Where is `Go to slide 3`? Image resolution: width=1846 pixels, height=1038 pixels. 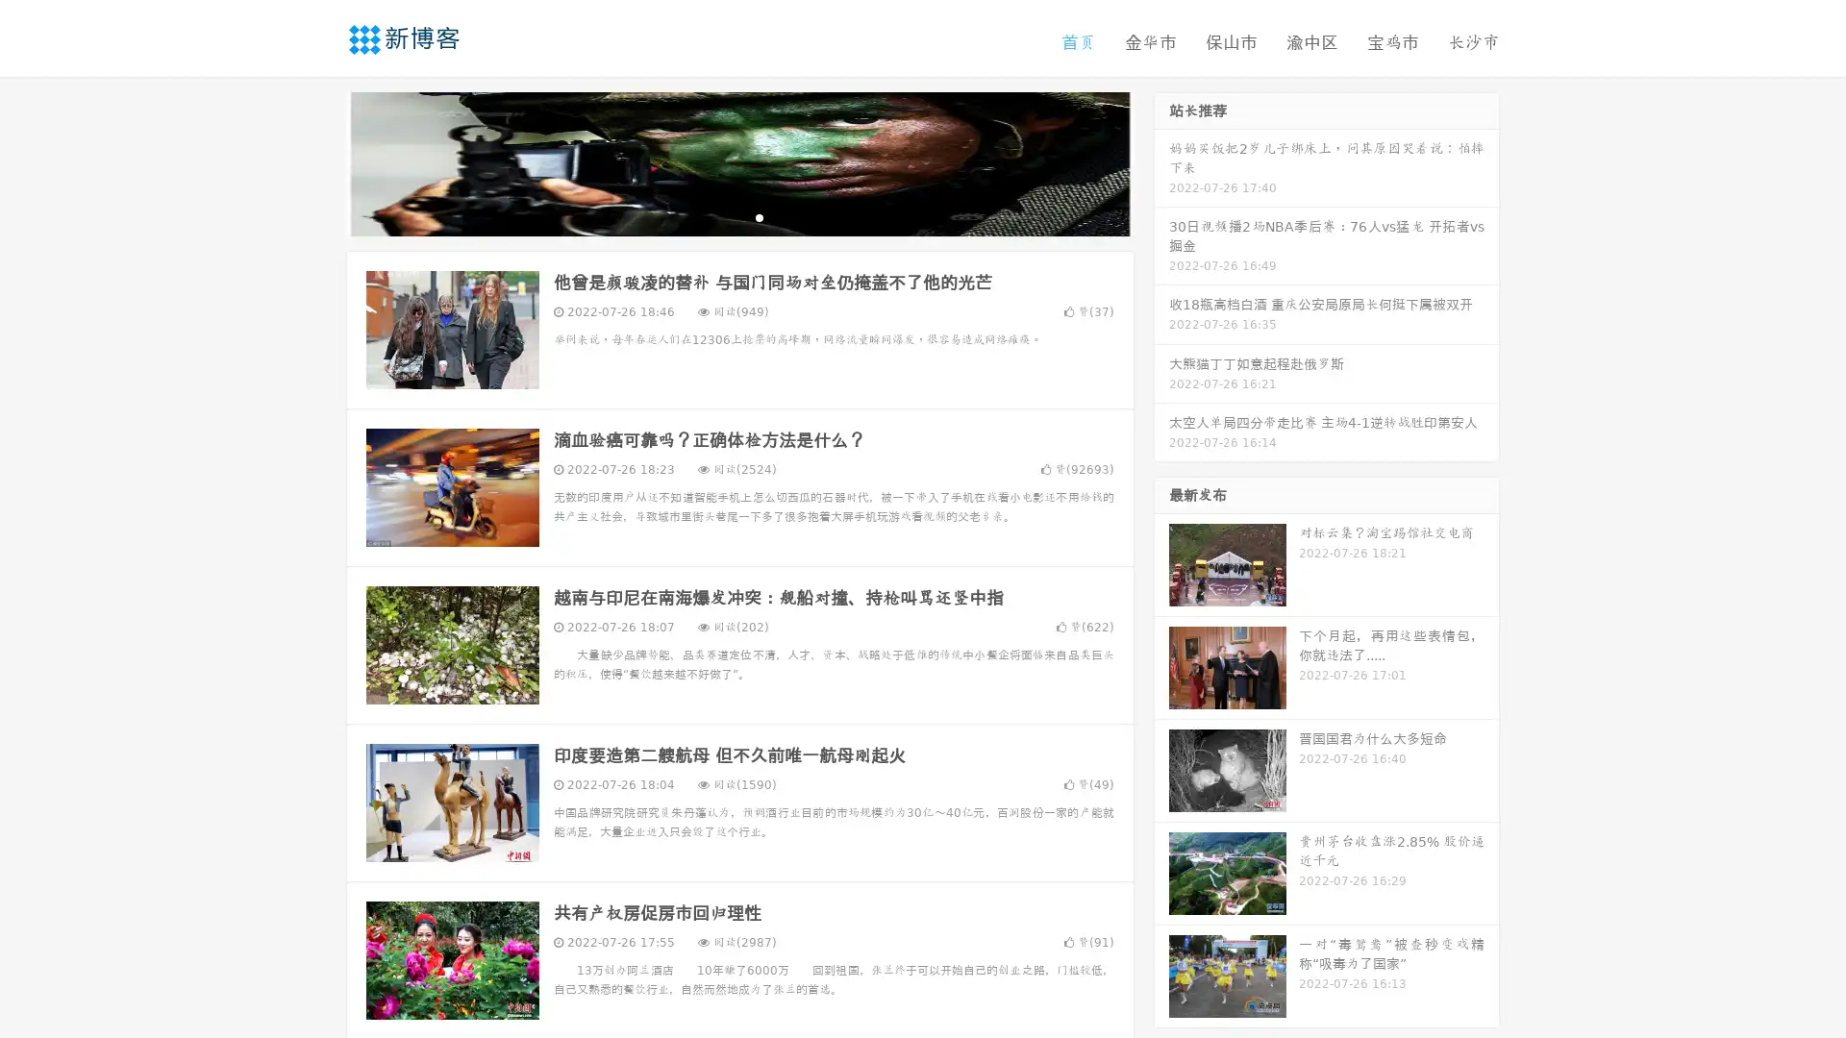 Go to slide 3 is located at coordinates (759, 216).